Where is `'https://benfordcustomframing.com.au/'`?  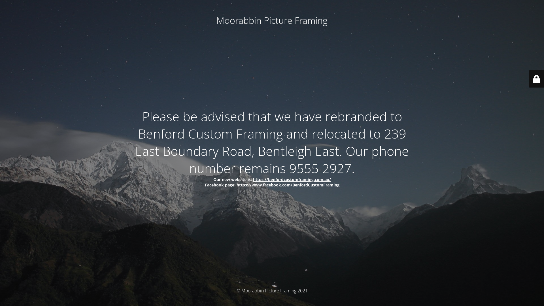
'https://benfordcustomframing.com.au/' is located at coordinates (292, 179).